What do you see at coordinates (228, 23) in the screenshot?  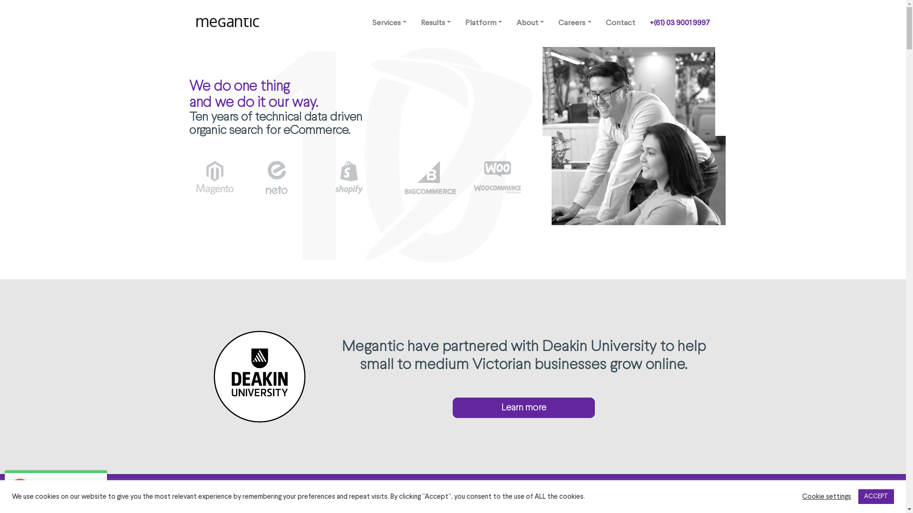 I see `'megantic'` at bounding box center [228, 23].